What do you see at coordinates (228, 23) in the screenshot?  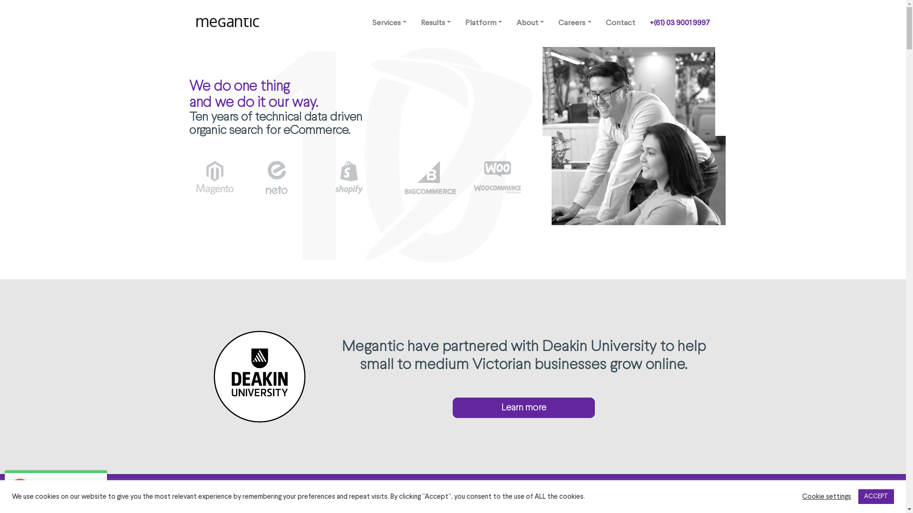 I see `'megantic'` at bounding box center [228, 23].